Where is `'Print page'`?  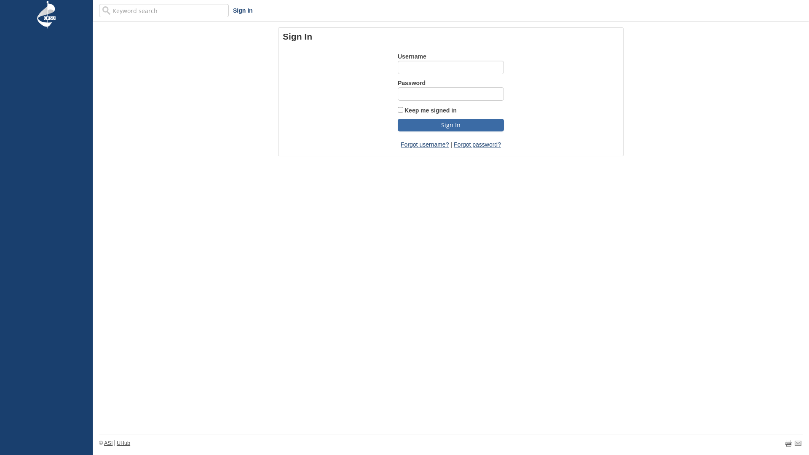
'Print page' is located at coordinates (788, 443).